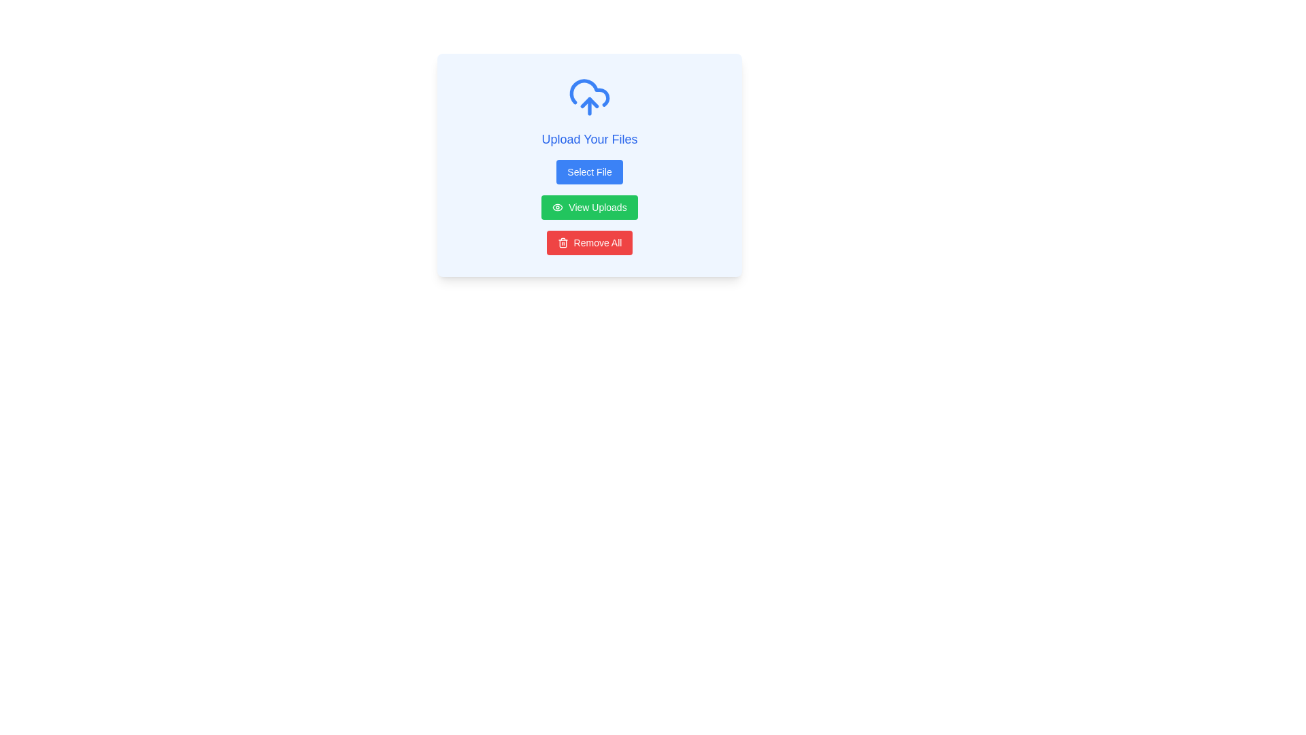  What do you see at coordinates (590, 139) in the screenshot?
I see `the text label that reads 'Upload Your Files', which is styled in medium-sized blue font and positioned above the 'Select File' button` at bounding box center [590, 139].